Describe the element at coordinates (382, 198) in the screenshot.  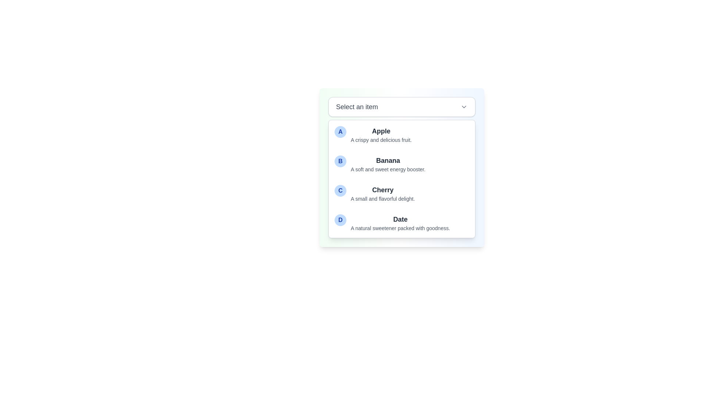
I see `the text label that contains 'A small and flavorful delight.' located below the 'Cherry' label in the dropdown menu` at that location.